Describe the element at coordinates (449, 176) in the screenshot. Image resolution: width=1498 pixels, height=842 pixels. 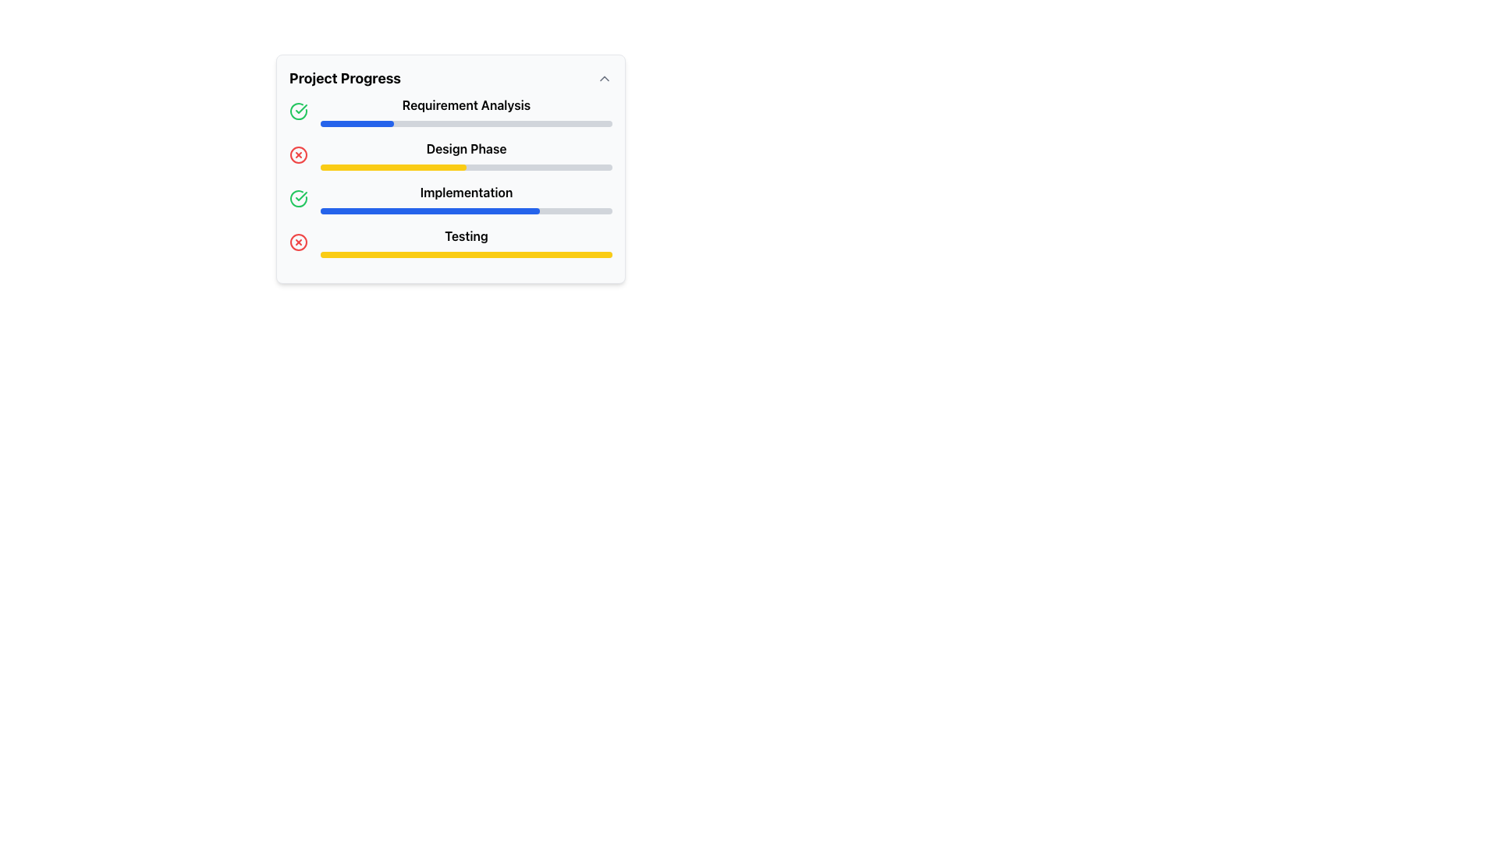
I see `the progress details of the Progress Tracker, which includes four labeled progress bars for 'Requirement Analysis,' 'Design Phase,' 'Implementation,' and 'Testing.'` at that location.